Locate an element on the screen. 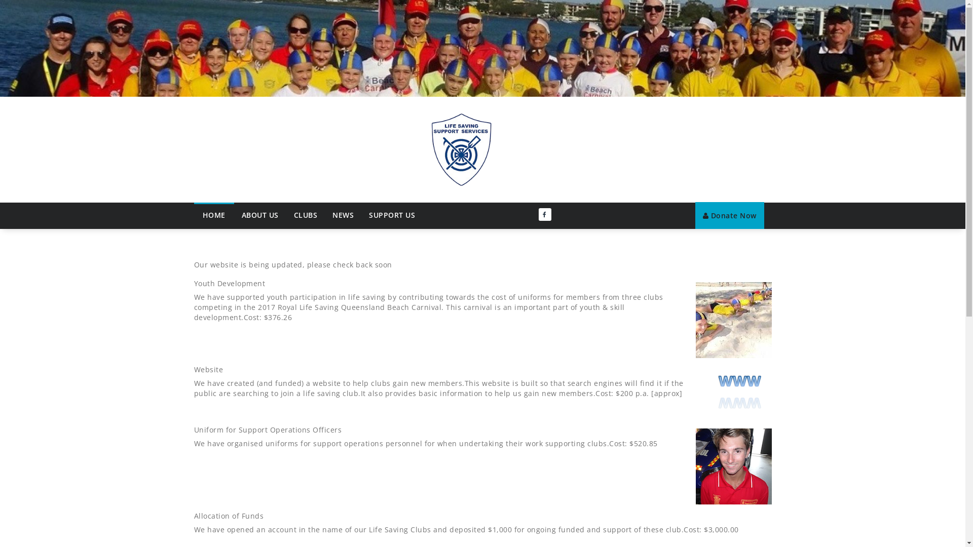 This screenshot has height=547, width=973. 'HOME' is located at coordinates (213, 214).